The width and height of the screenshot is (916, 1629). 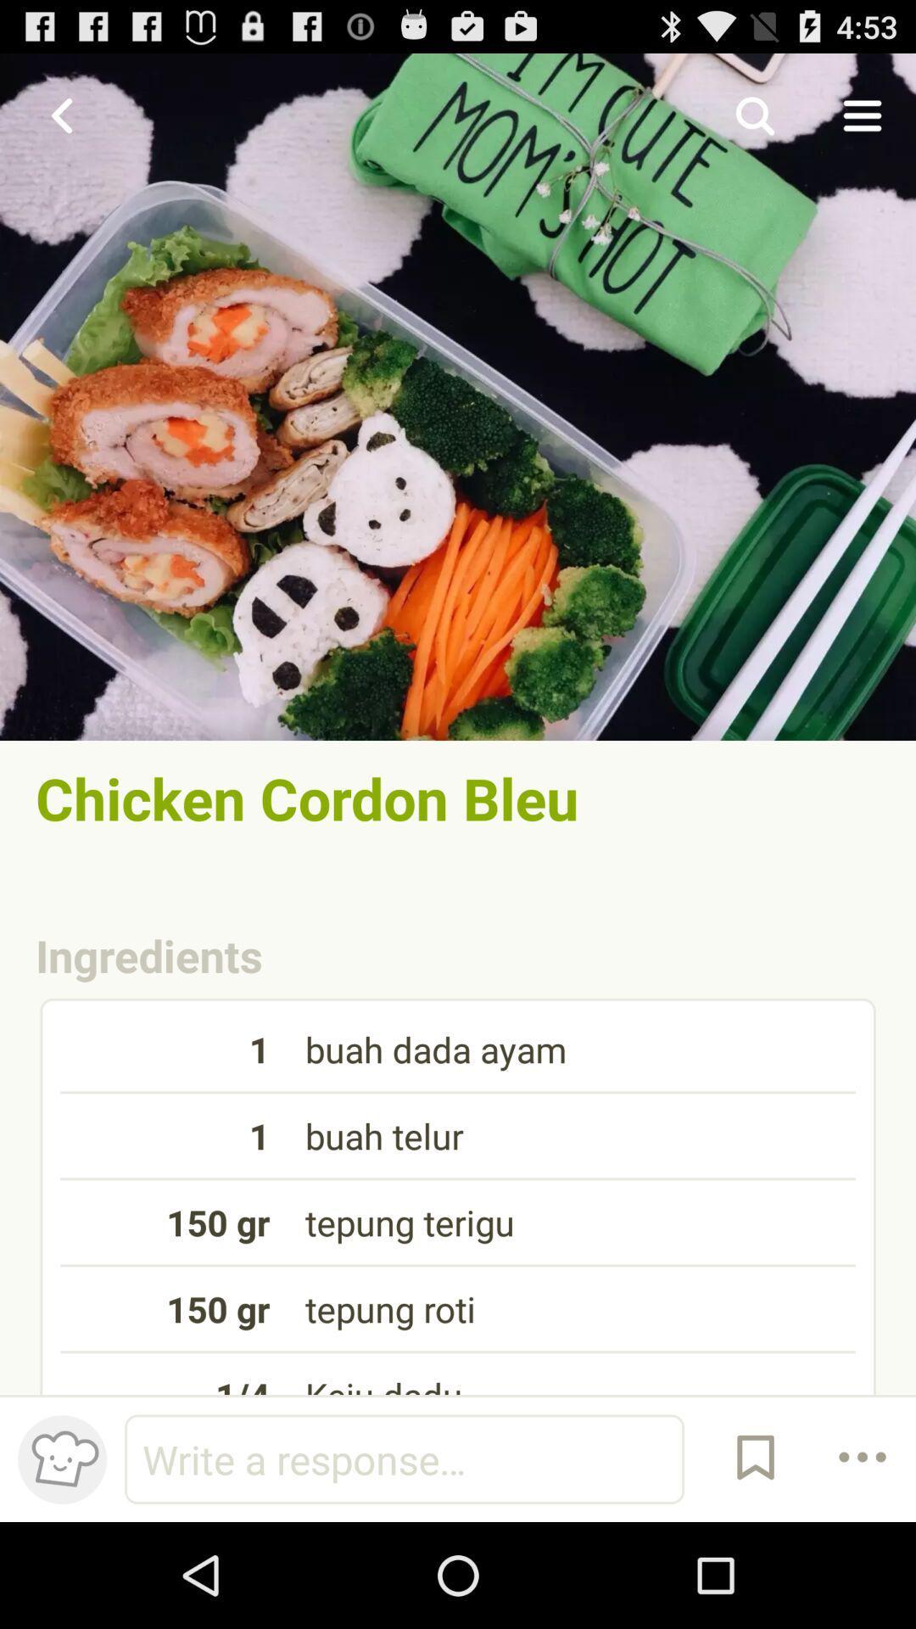 I want to click on the more icon, so click(x=863, y=1561).